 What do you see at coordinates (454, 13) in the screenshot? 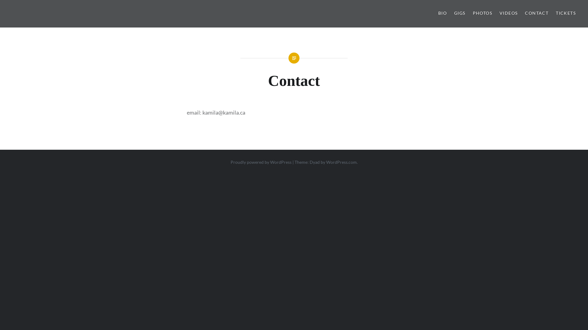
I see `'GIGS'` at bounding box center [454, 13].